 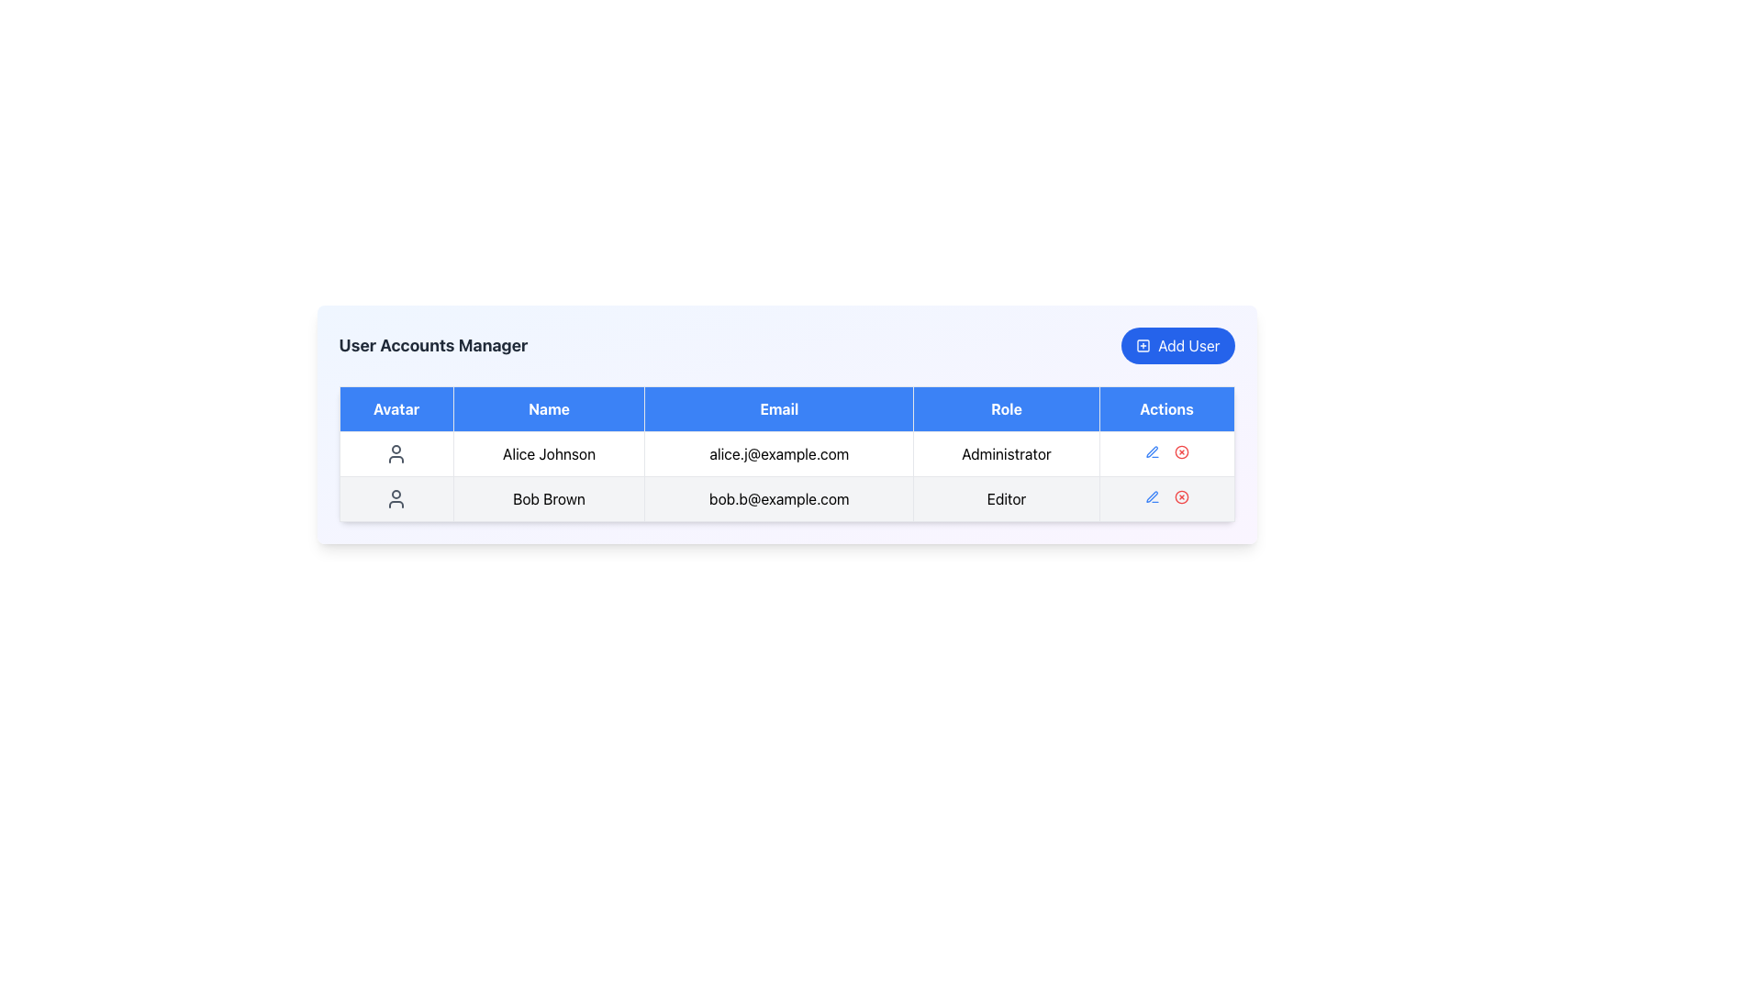 What do you see at coordinates (396, 498) in the screenshot?
I see `the avatar icon representing 'Bob Brown' in the bottom row of the user information table, located in the leftmost column labeled 'Avatar'` at bounding box center [396, 498].